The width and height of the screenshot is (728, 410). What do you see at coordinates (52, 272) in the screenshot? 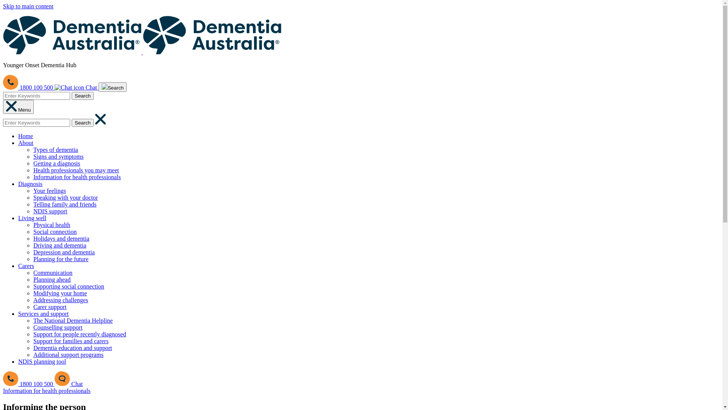
I see `'Communication'` at bounding box center [52, 272].